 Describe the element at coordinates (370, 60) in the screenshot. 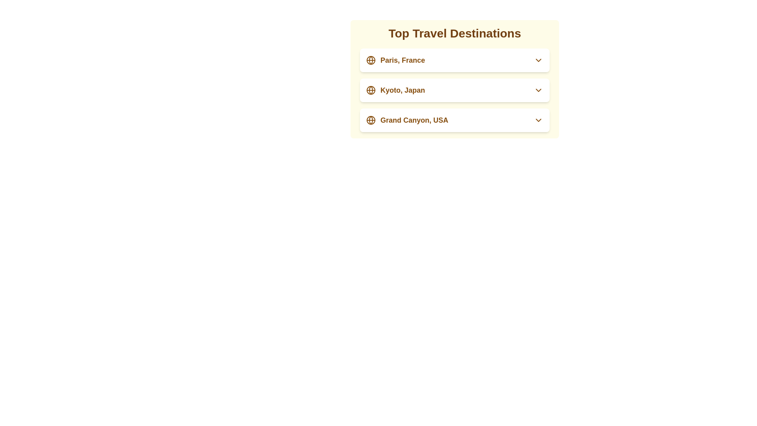

I see `the globe icon located to the left of the text 'Paris, France' in the 'Top Travel Destinations' list` at that location.